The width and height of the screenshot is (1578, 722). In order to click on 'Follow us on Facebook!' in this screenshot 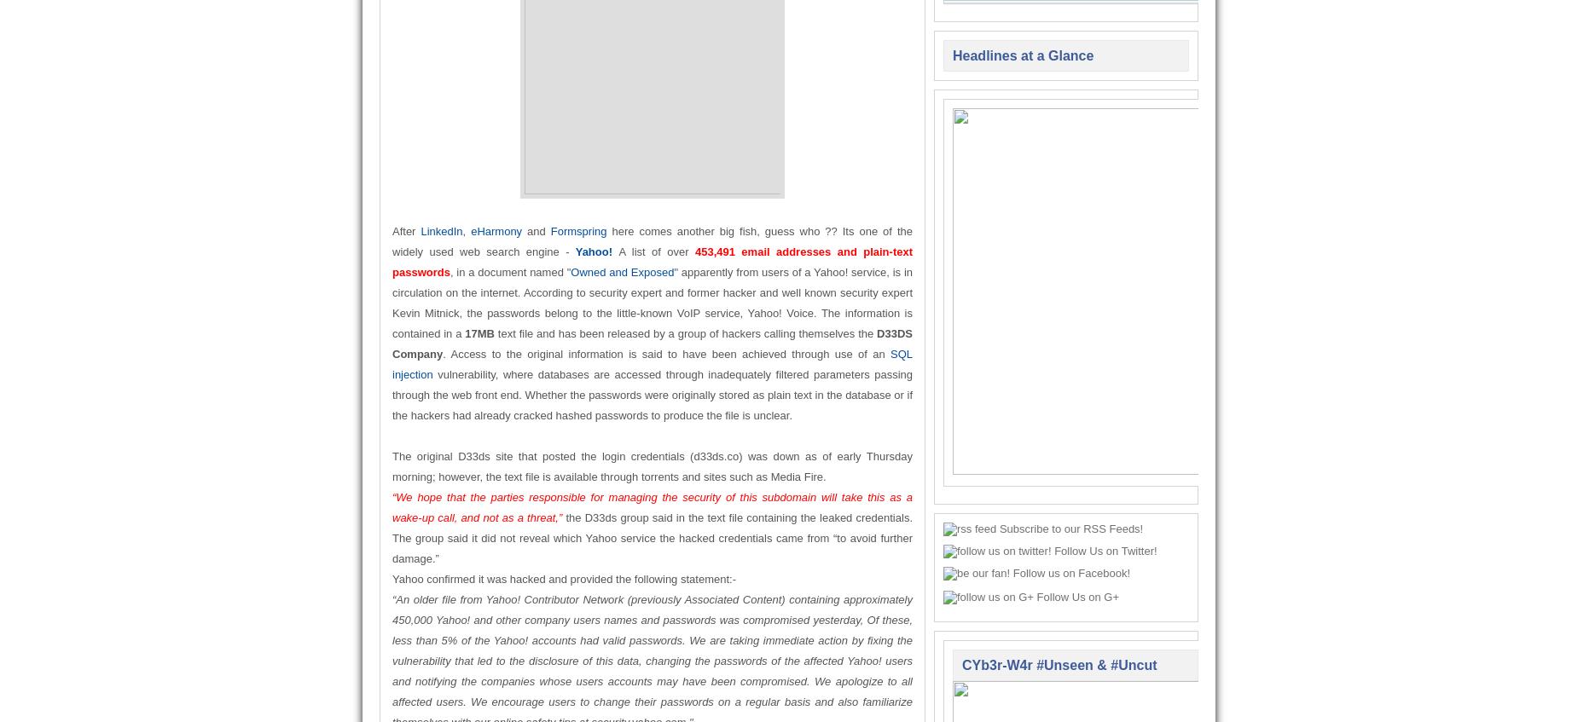, I will do `click(1070, 573)`.